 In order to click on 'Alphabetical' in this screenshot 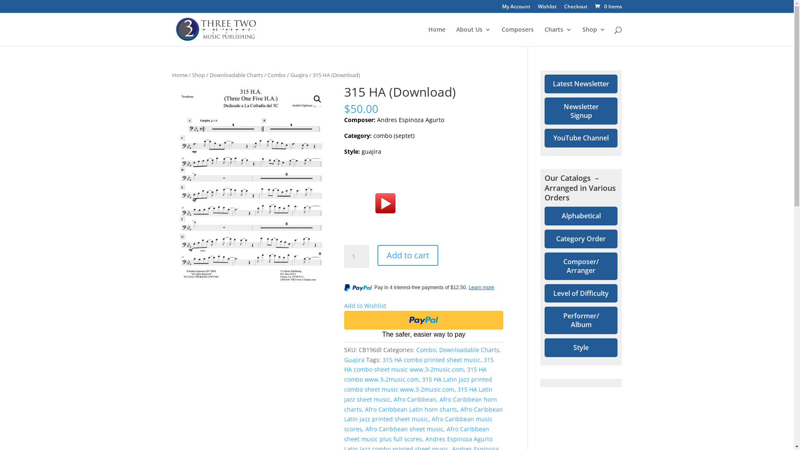, I will do `click(580, 215)`.